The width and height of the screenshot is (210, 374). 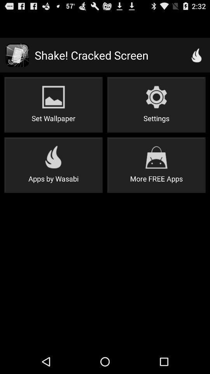 What do you see at coordinates (156, 165) in the screenshot?
I see `the icon next to apps by wasabi icon` at bounding box center [156, 165].